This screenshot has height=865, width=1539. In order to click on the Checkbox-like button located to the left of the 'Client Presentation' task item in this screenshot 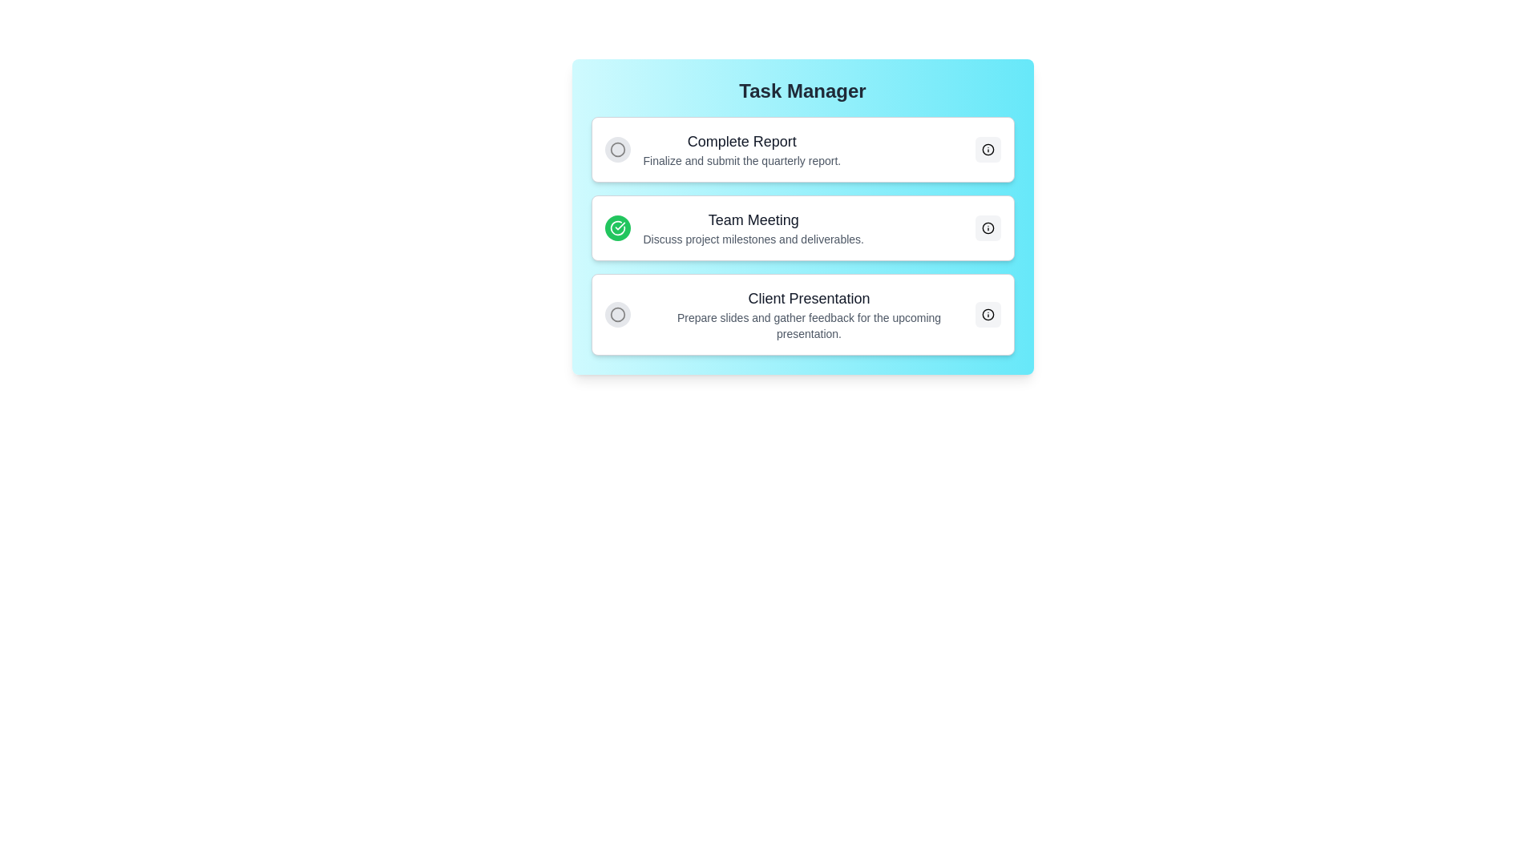, I will do `click(616, 315)`.